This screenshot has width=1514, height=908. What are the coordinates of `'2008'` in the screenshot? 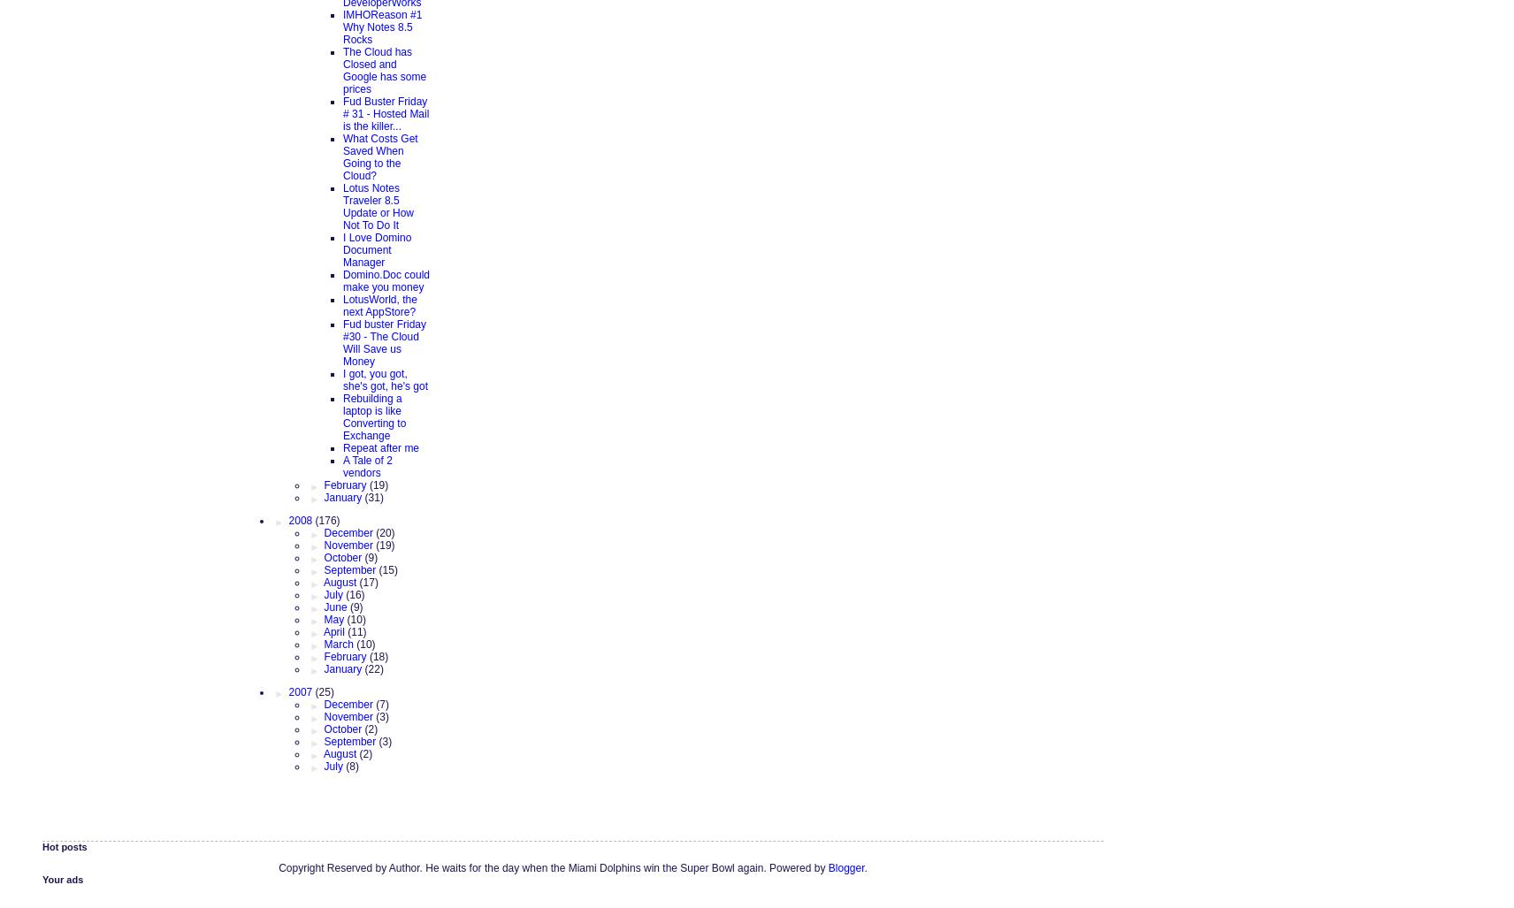 It's located at (302, 519).